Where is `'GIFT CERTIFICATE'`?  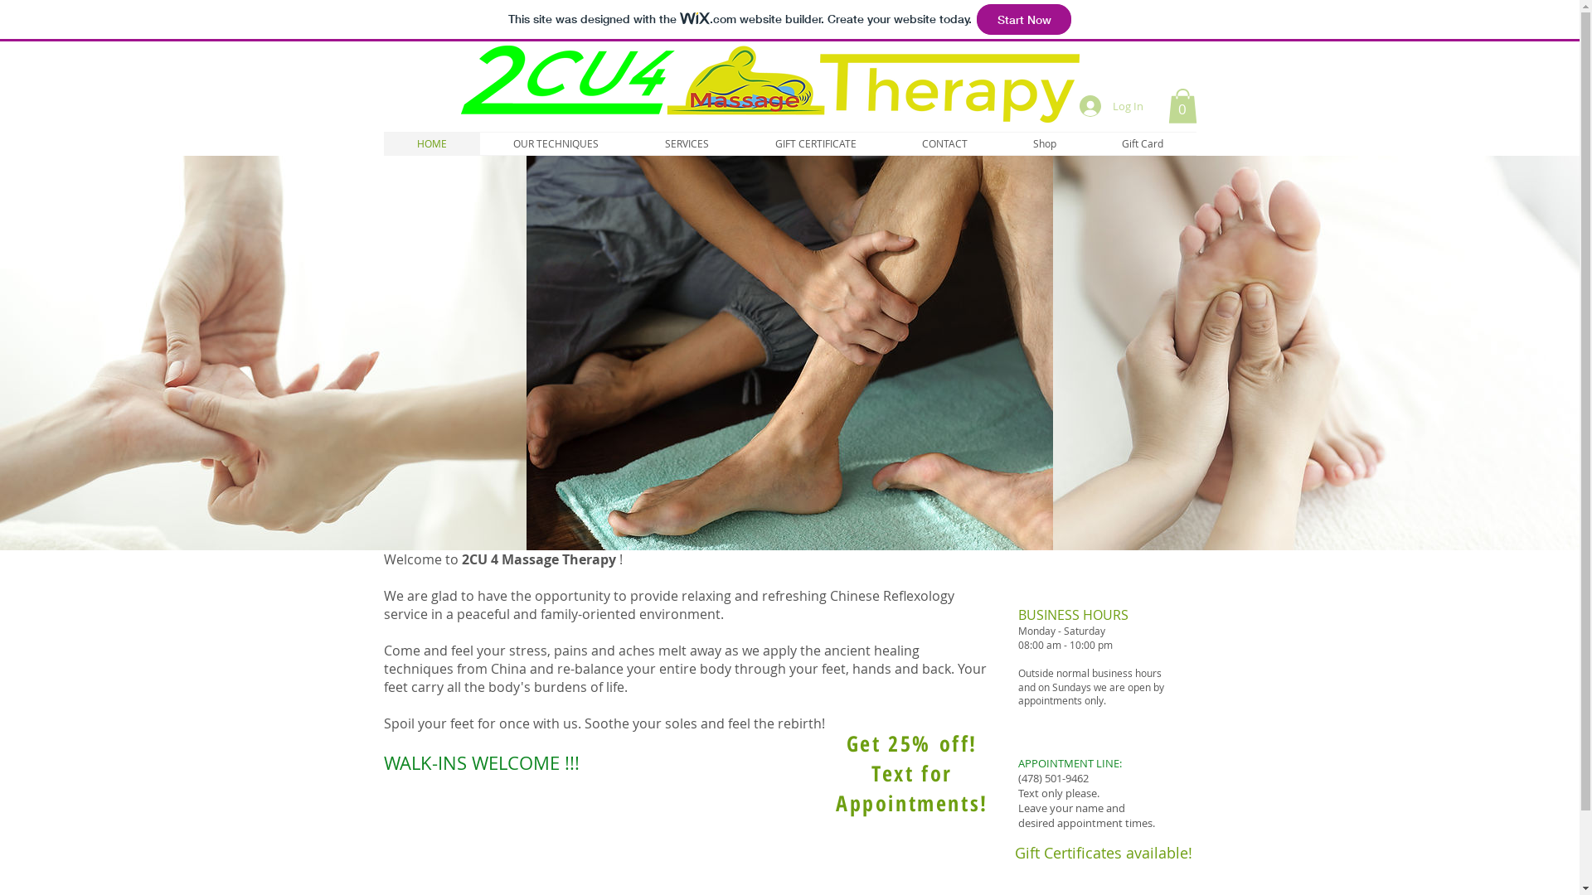
'GIFT CERTIFICATE' is located at coordinates (815, 143).